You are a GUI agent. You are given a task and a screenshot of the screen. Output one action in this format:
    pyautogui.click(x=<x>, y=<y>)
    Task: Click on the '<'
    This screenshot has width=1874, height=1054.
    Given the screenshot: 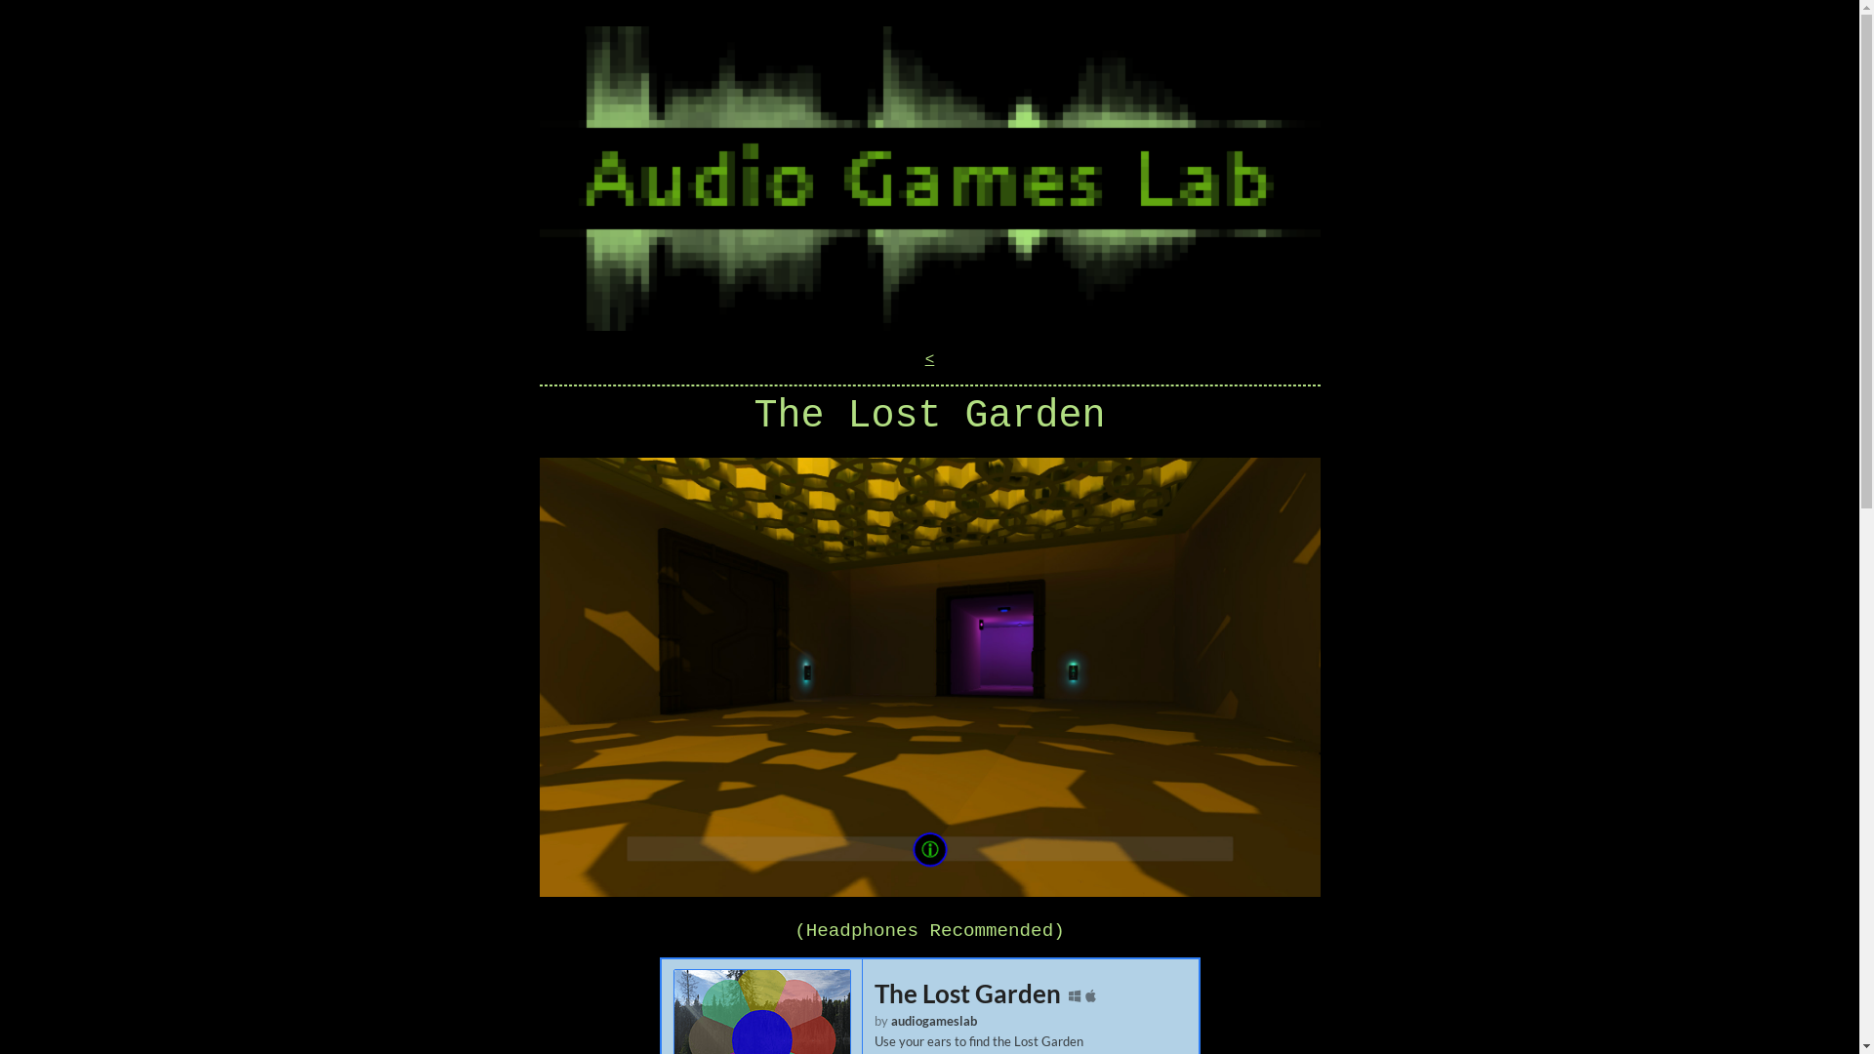 What is the action you would take?
    pyautogui.click(x=929, y=360)
    